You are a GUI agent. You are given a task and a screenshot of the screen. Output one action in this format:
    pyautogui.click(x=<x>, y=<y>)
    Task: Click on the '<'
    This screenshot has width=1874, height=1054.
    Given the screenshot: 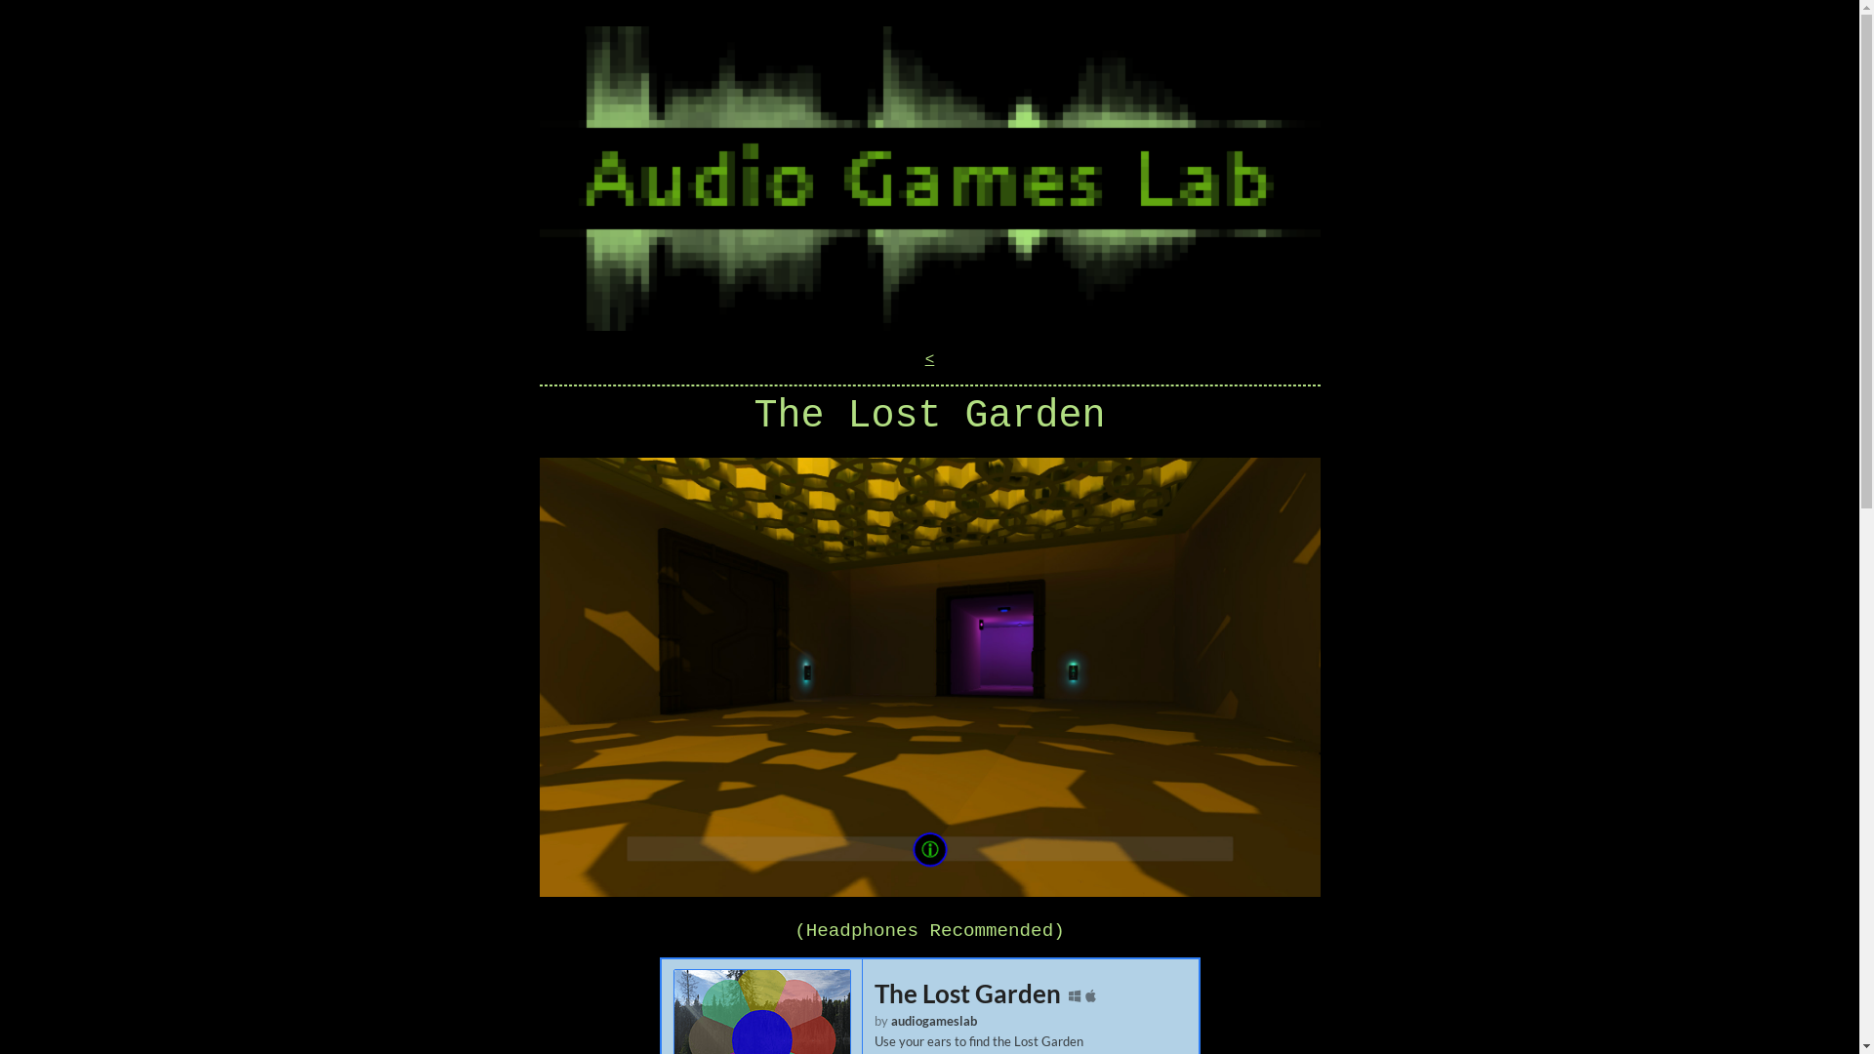 What is the action you would take?
    pyautogui.click(x=929, y=360)
    